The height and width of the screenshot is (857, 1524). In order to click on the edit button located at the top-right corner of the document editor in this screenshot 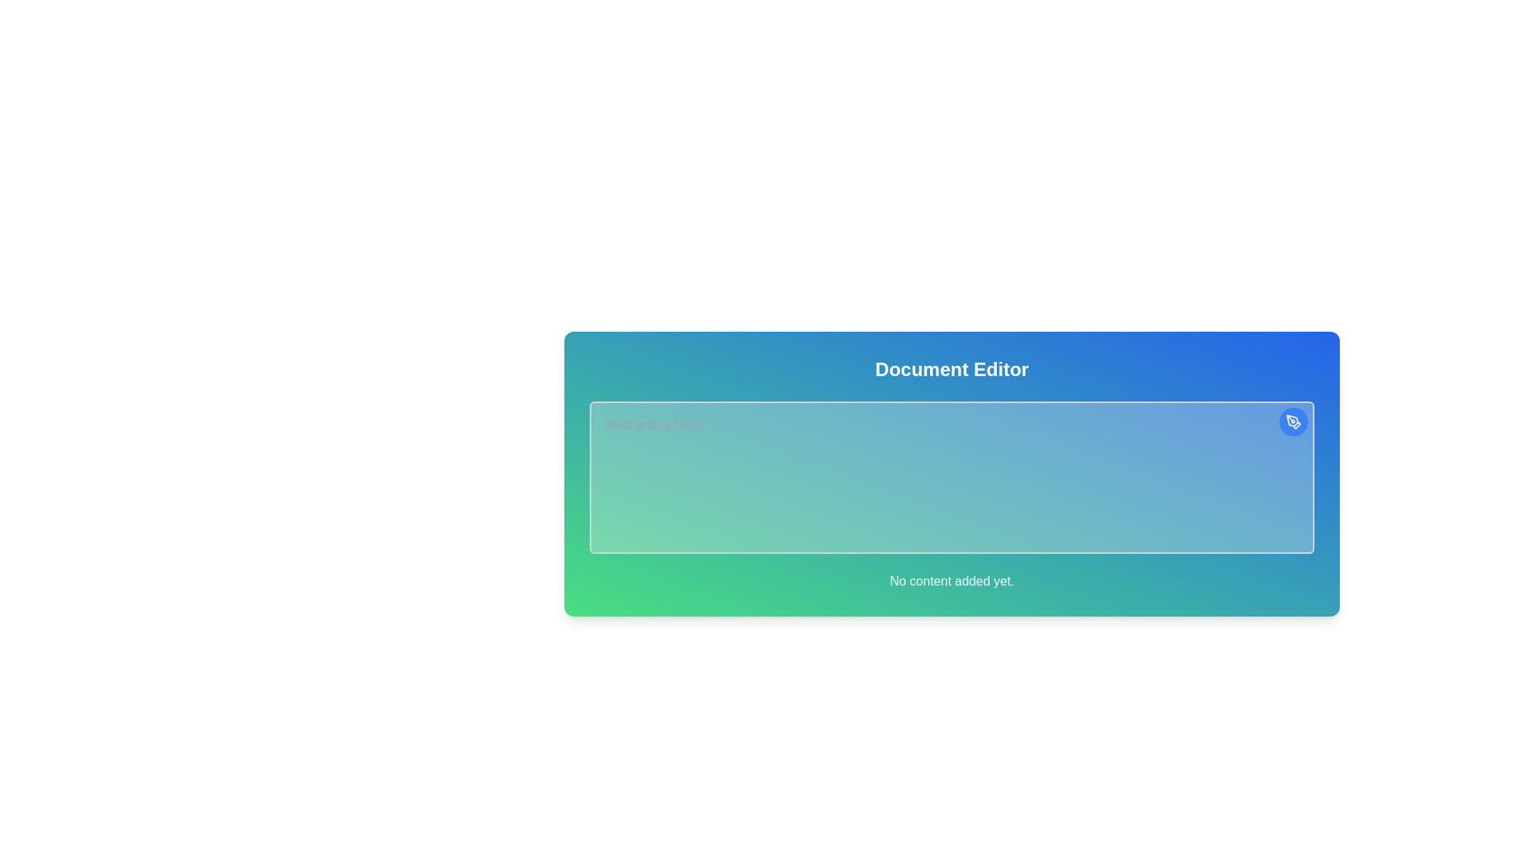, I will do `click(1294, 421)`.